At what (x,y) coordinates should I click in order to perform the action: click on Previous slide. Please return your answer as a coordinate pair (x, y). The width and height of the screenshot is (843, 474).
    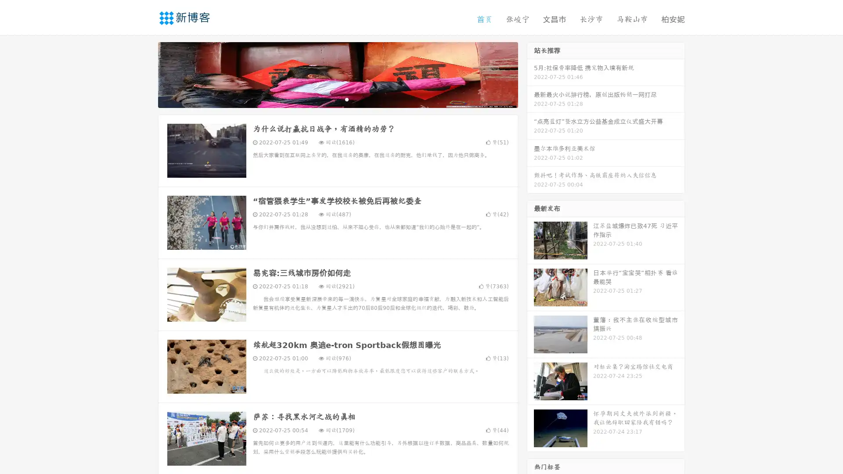
    Looking at the image, I should click on (145, 74).